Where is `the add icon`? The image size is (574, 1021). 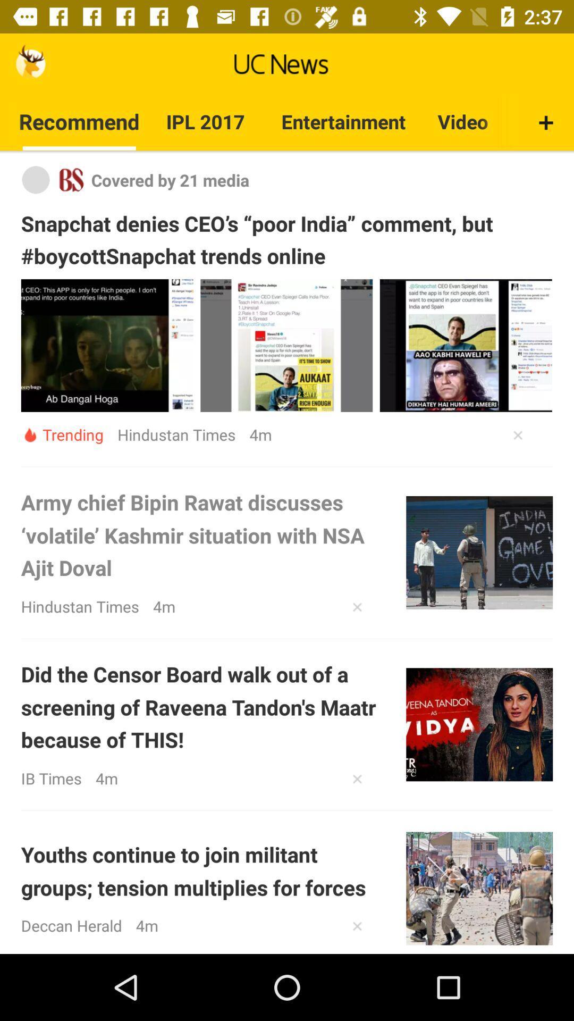
the add icon is located at coordinates (546, 131).